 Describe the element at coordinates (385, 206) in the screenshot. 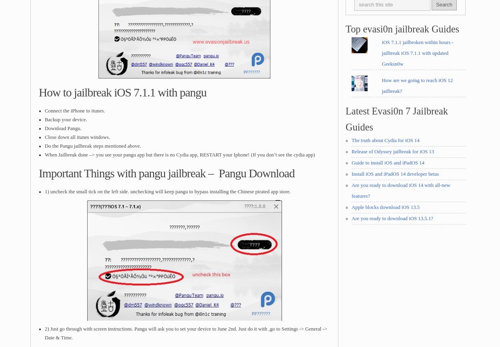

I see `'Apple blocks download iOS 13.5'` at that location.